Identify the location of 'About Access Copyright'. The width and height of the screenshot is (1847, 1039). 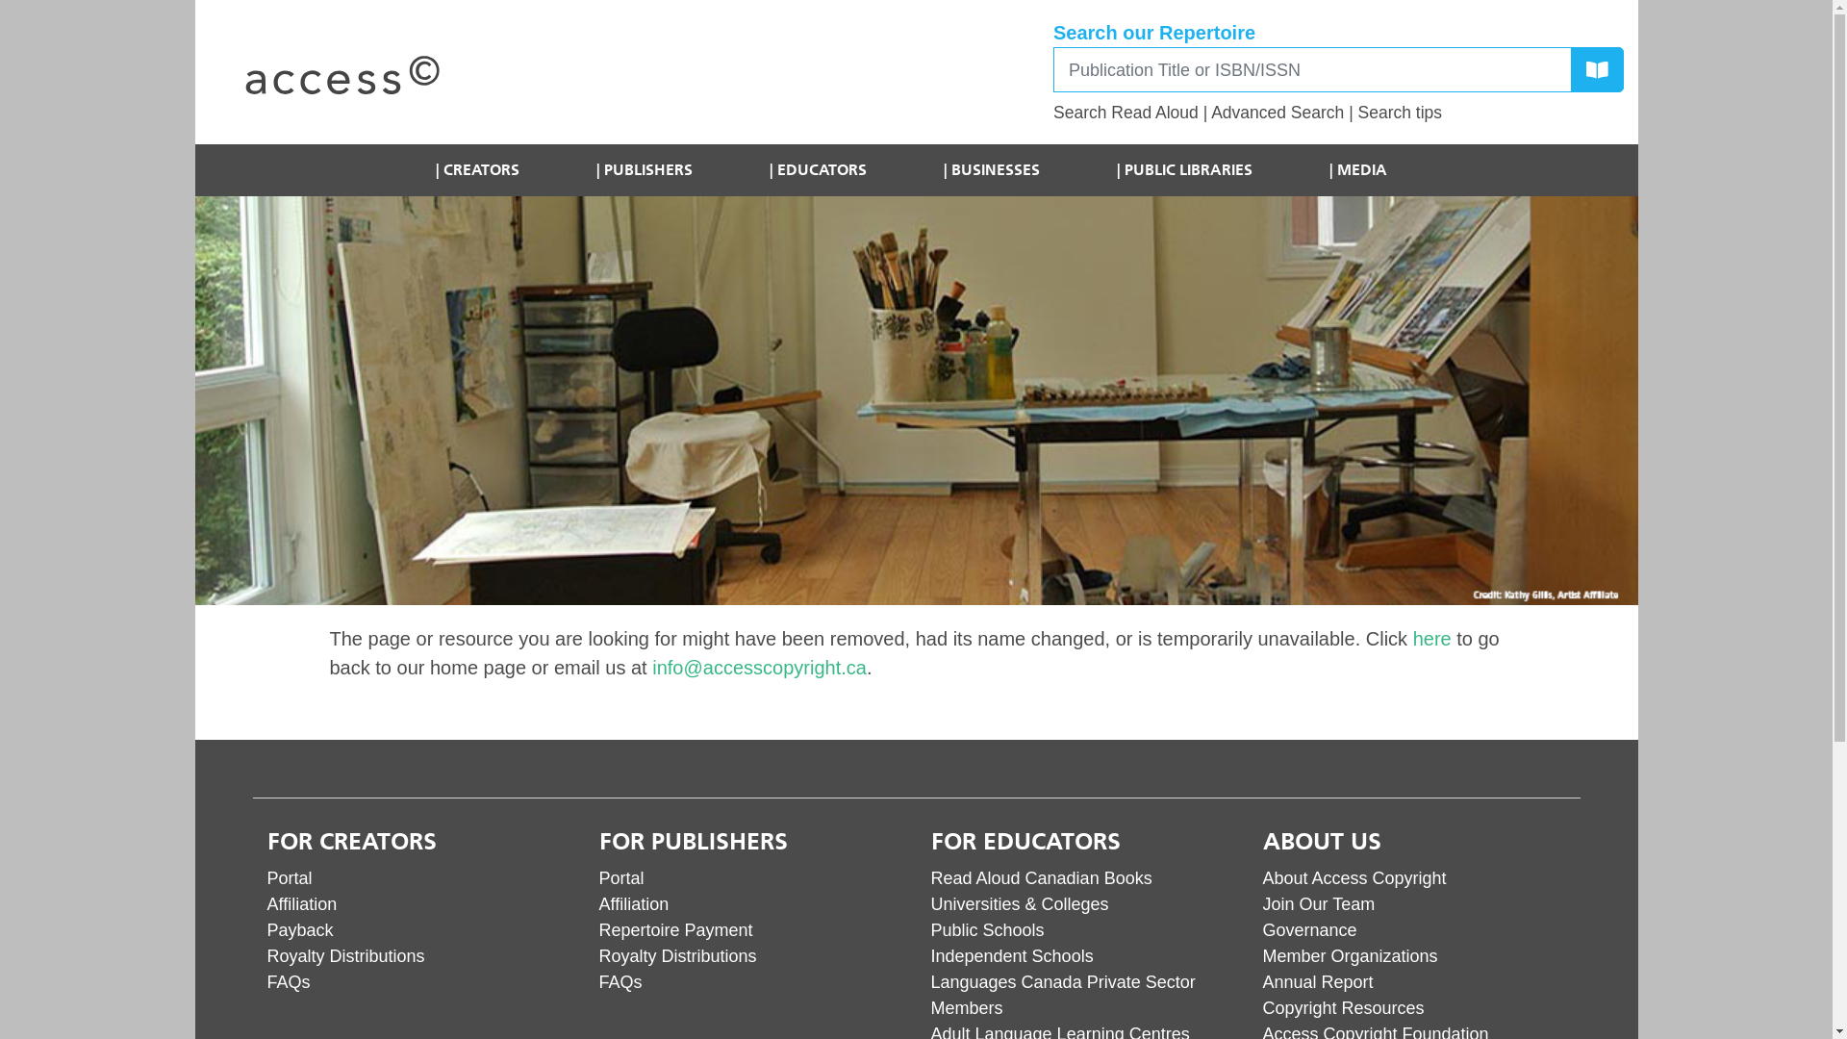
(1353, 878).